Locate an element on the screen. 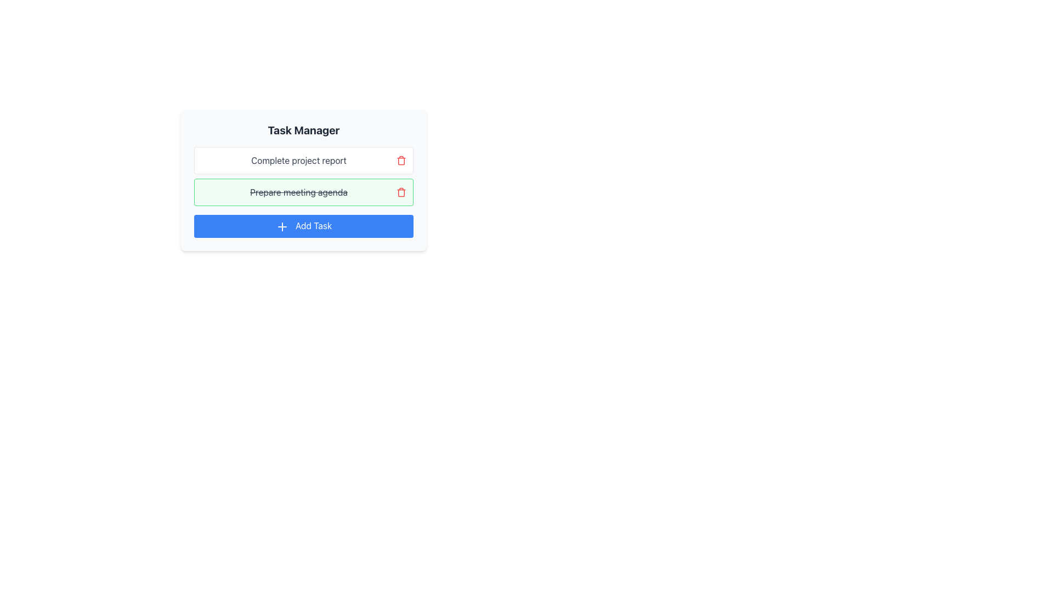 The image size is (1053, 592). the red trash icon is located at coordinates (400, 192).